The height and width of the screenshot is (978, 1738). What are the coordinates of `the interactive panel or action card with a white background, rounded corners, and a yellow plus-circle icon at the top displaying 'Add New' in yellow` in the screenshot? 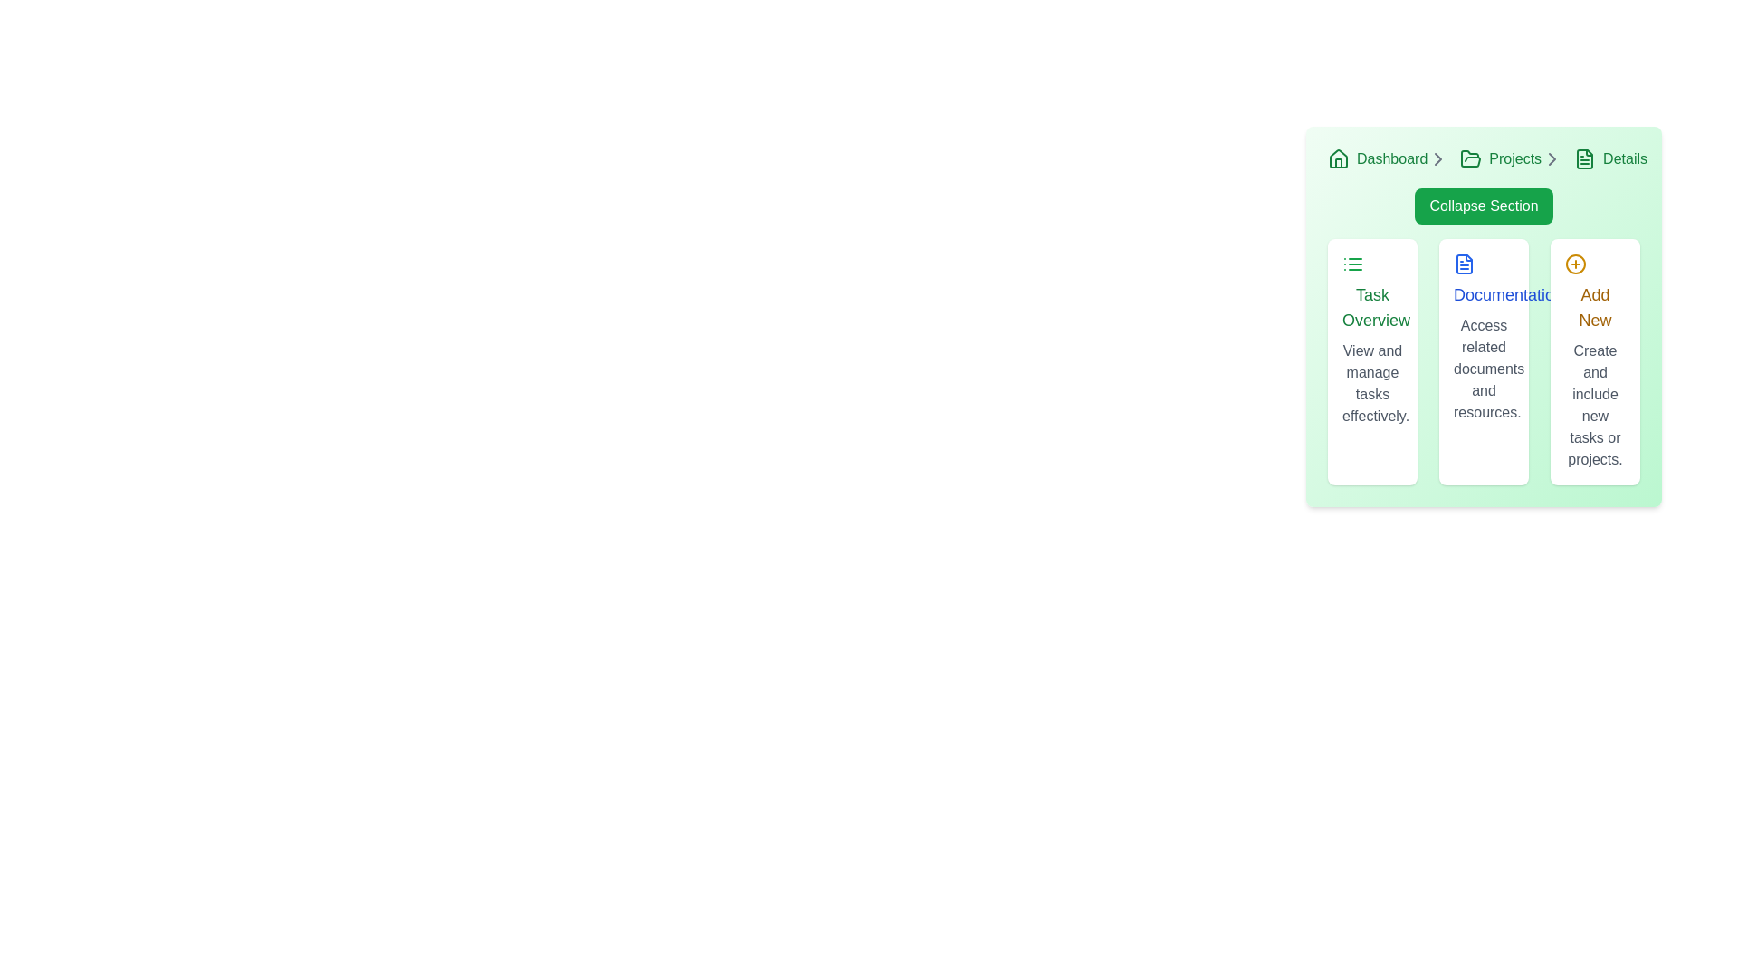 It's located at (1595, 362).